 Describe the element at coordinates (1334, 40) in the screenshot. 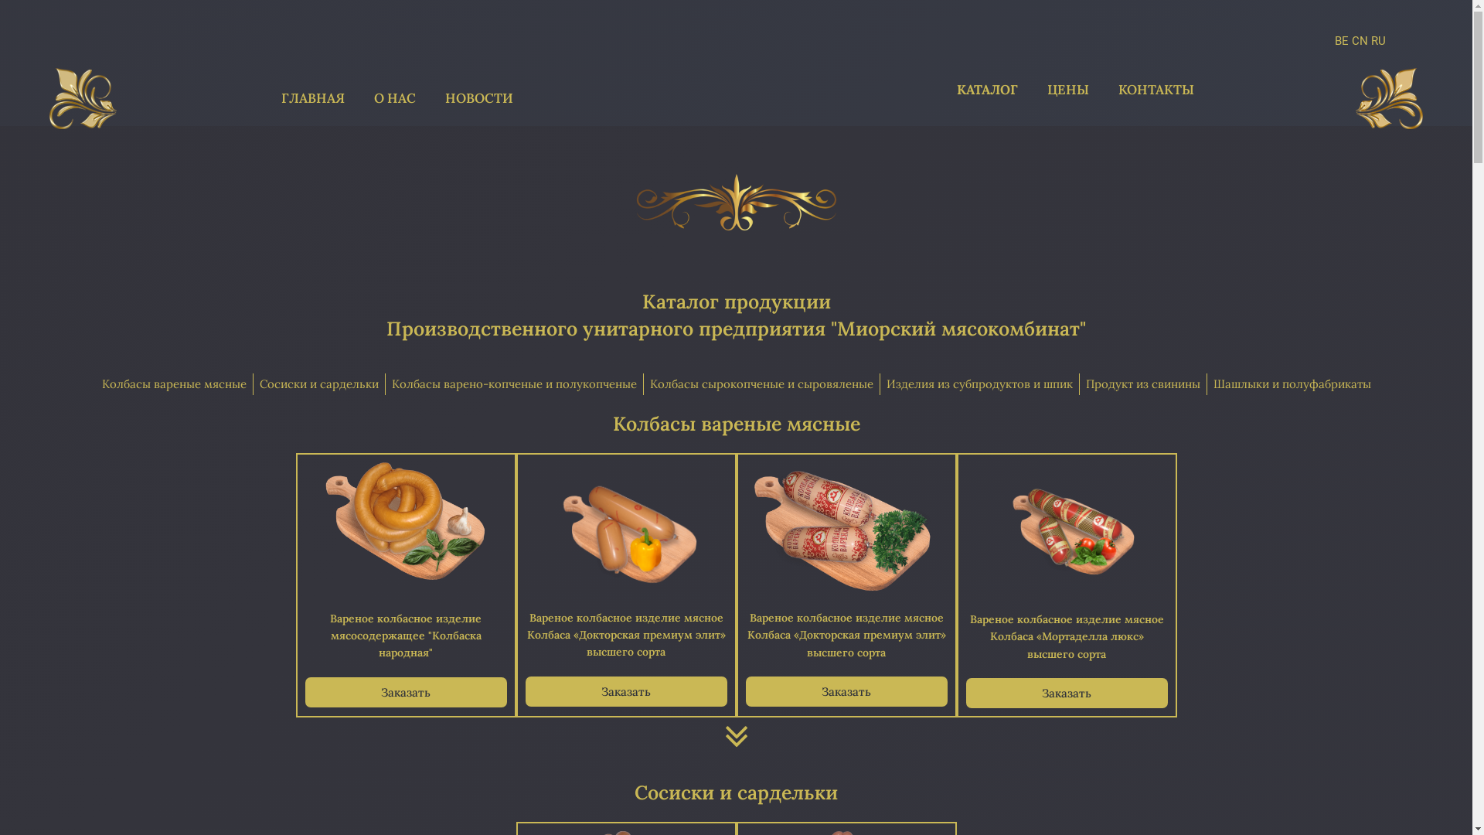

I see `'BE'` at that location.